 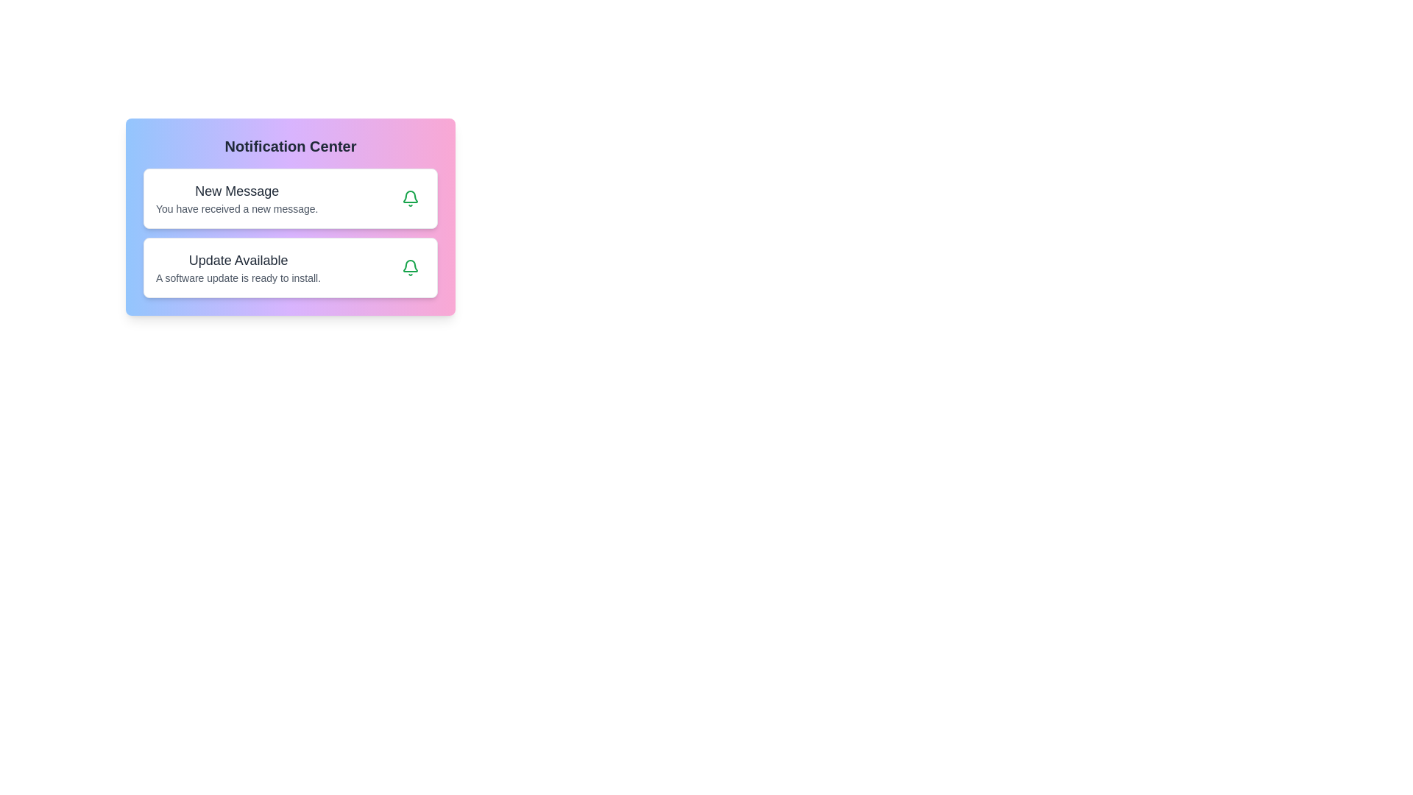 I want to click on the bell icon with a green outline in the notification center, so click(x=410, y=199).